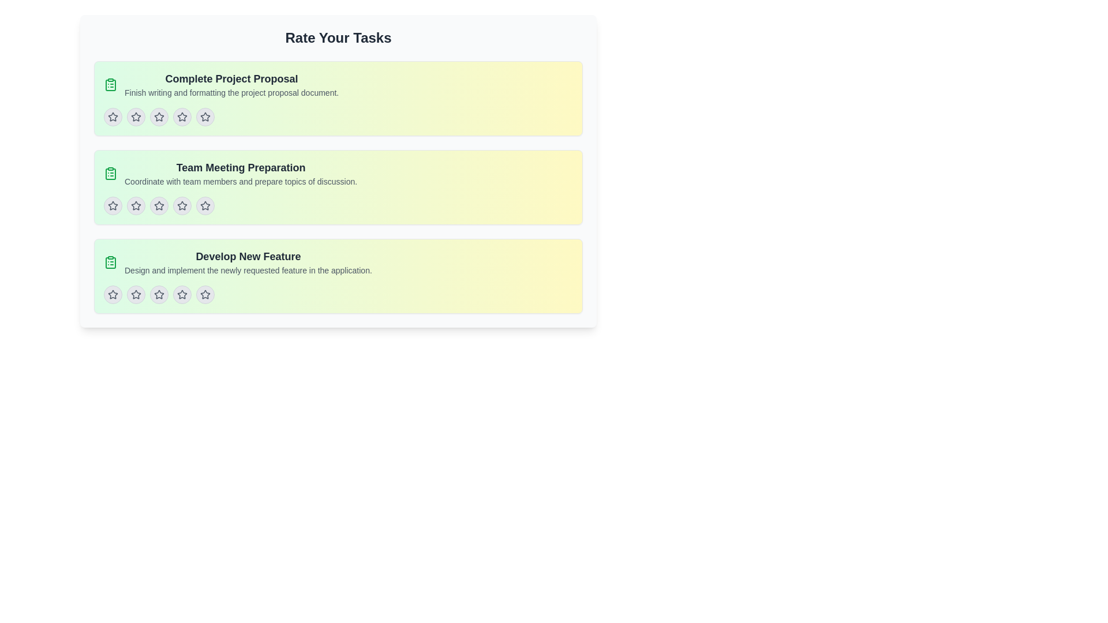  Describe the element at coordinates (248, 262) in the screenshot. I see `the text block that displays 'Develop New Feature'` at that location.